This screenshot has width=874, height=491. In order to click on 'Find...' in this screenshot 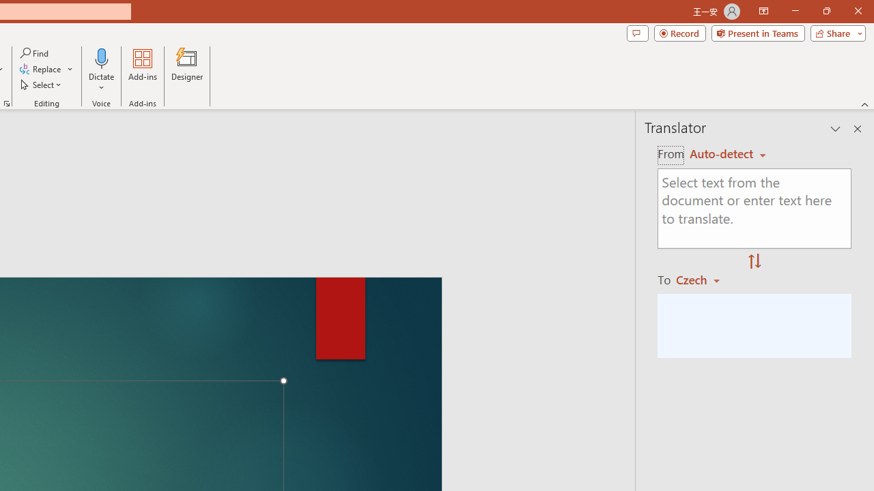, I will do `click(35, 53)`.